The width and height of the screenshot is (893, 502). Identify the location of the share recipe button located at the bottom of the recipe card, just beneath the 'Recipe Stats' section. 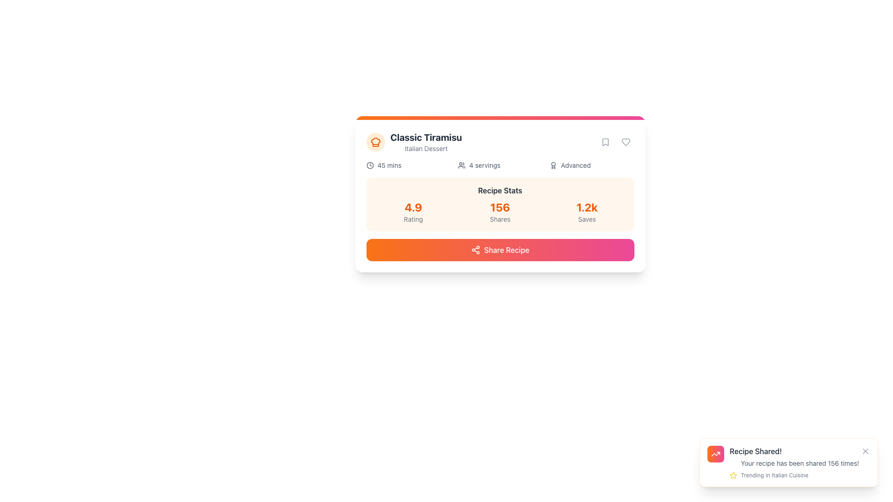
(500, 249).